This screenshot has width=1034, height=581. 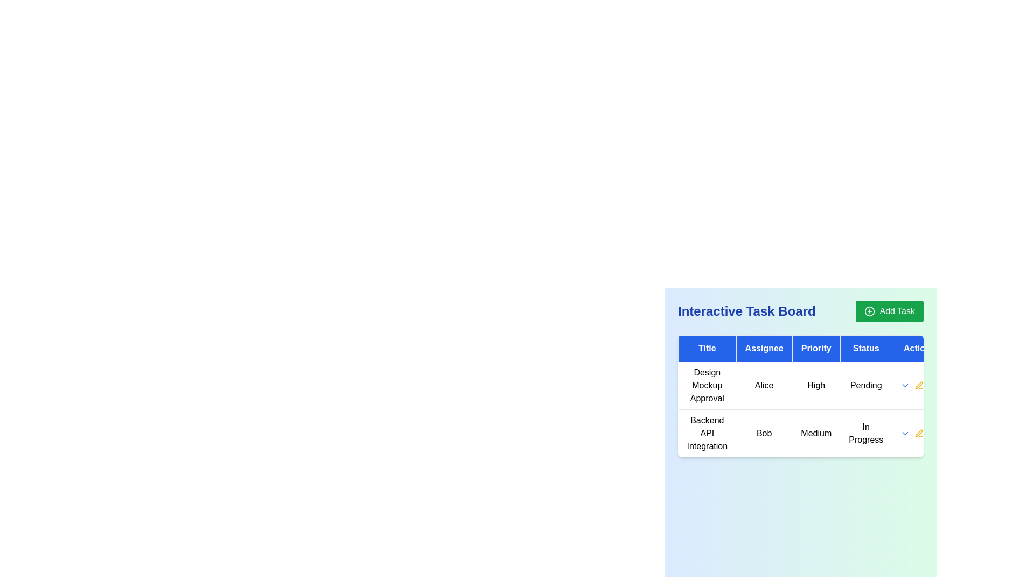 What do you see at coordinates (933, 385) in the screenshot?
I see `the small square icon with a red border in the 'Actions' column of the task board table, which aligns with the 'Design Mockup Approval' task row` at bounding box center [933, 385].